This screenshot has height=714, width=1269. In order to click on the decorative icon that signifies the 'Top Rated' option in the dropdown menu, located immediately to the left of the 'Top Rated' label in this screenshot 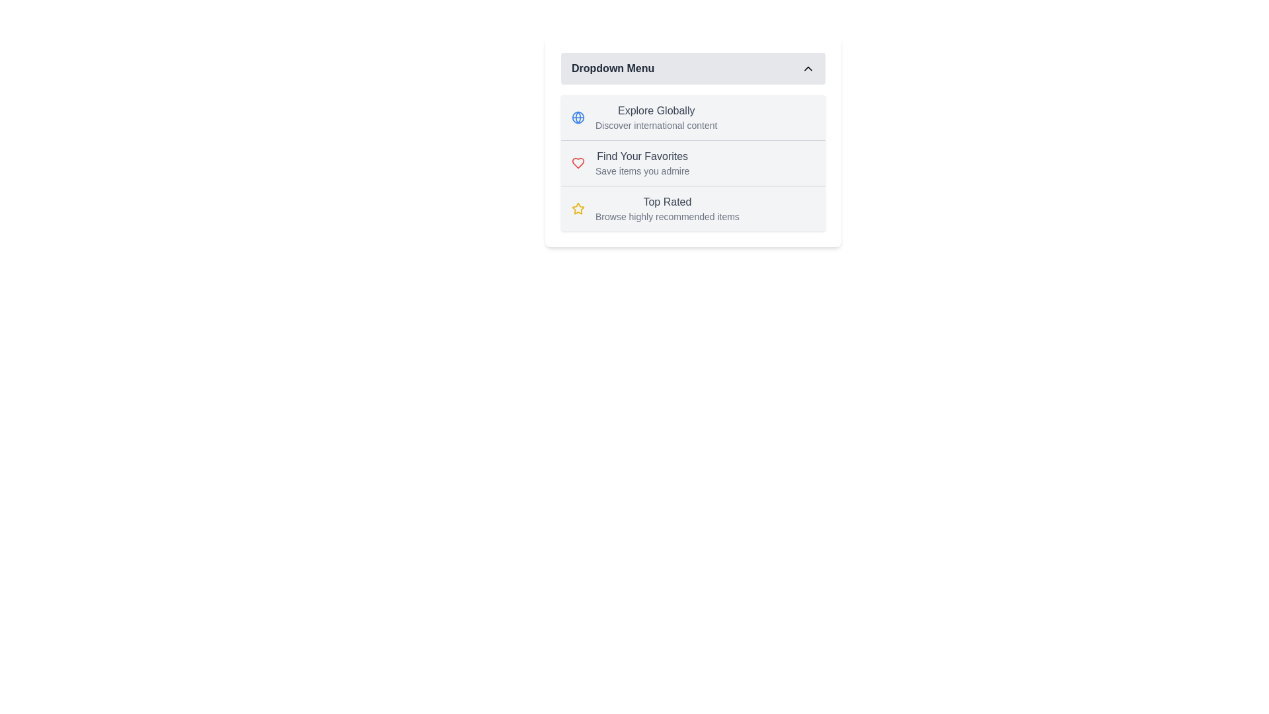, I will do `click(578, 208)`.